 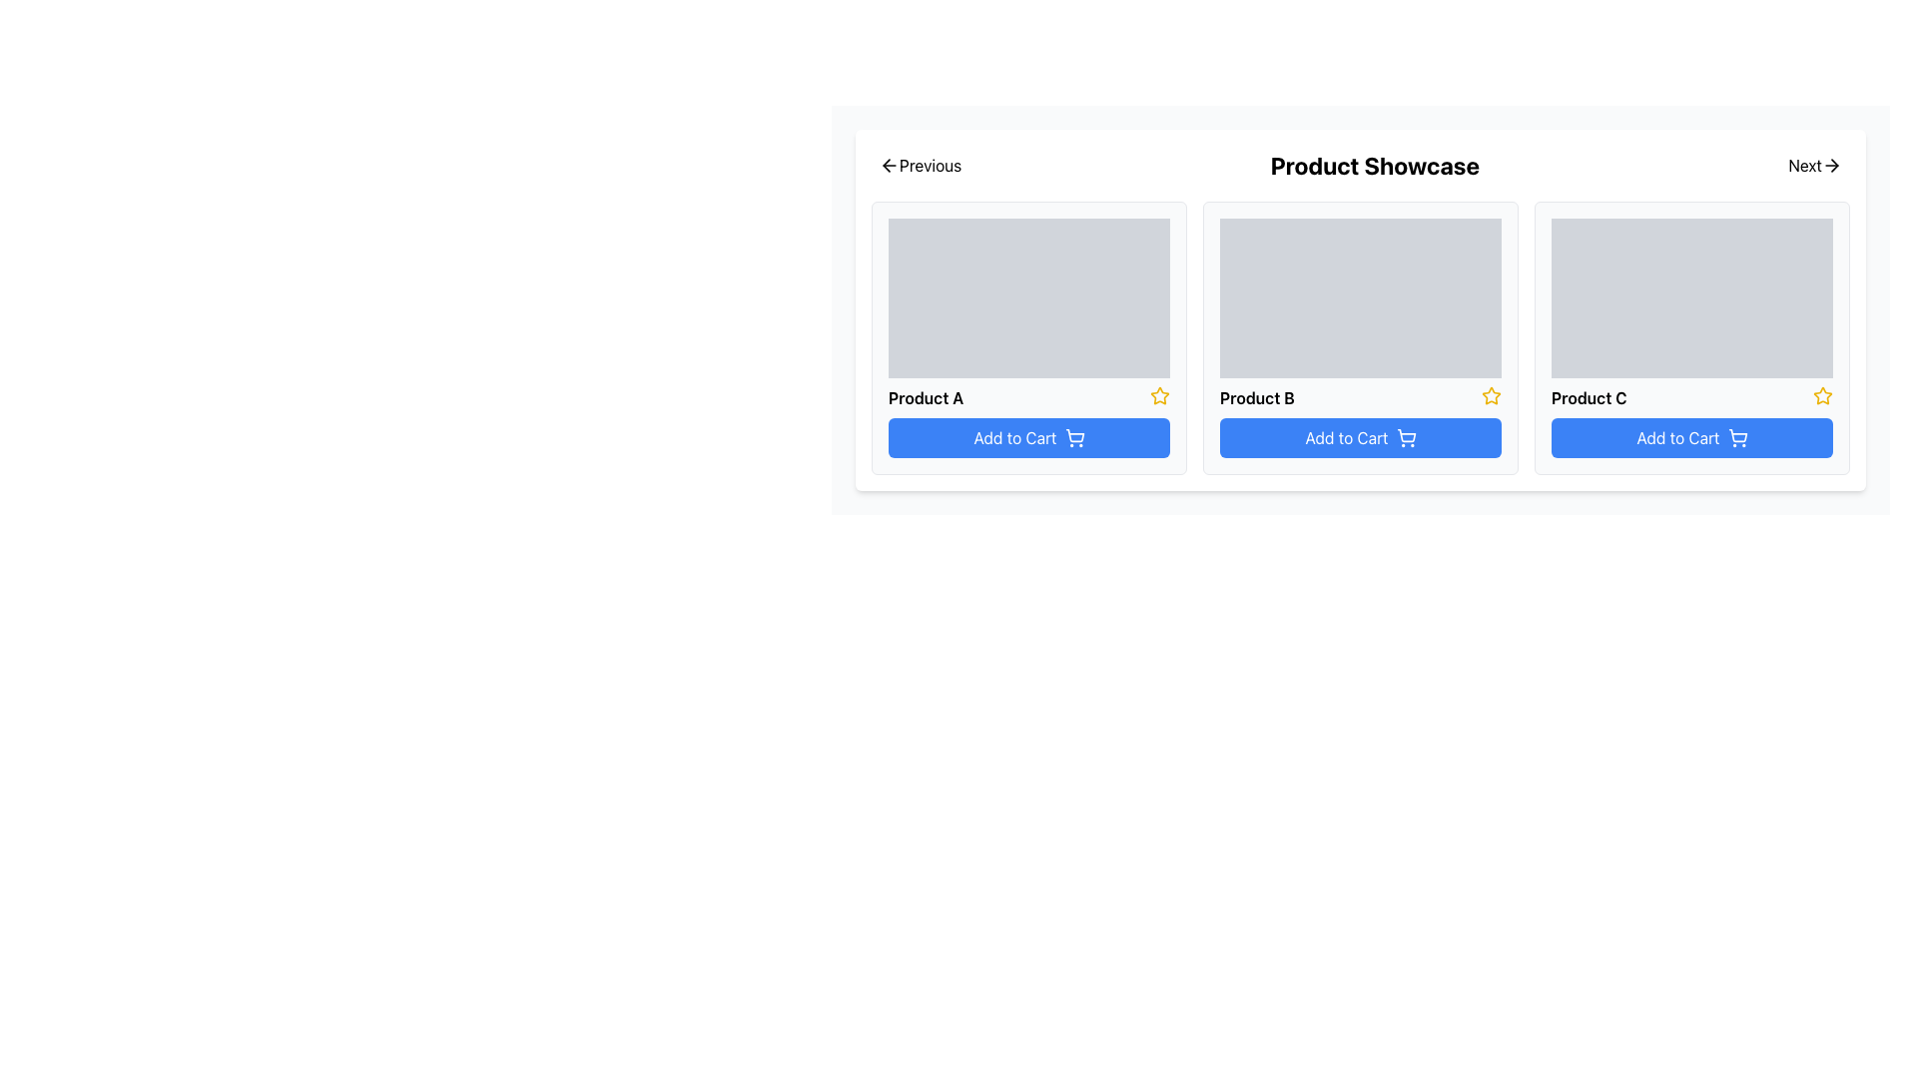 I want to click on the right-pointing arrow icon that allows users to navigate to the next set of products, located adjacent to the 'Next' label in the top-right corner of the interface, so click(x=1831, y=164).